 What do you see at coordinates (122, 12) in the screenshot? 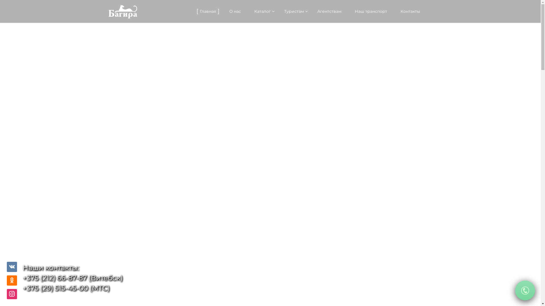
I see `'Logo'` at bounding box center [122, 12].